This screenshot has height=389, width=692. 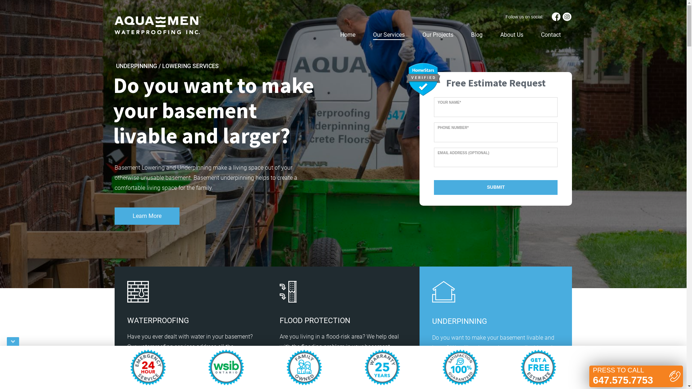 I want to click on 'Blog', so click(x=466, y=35).